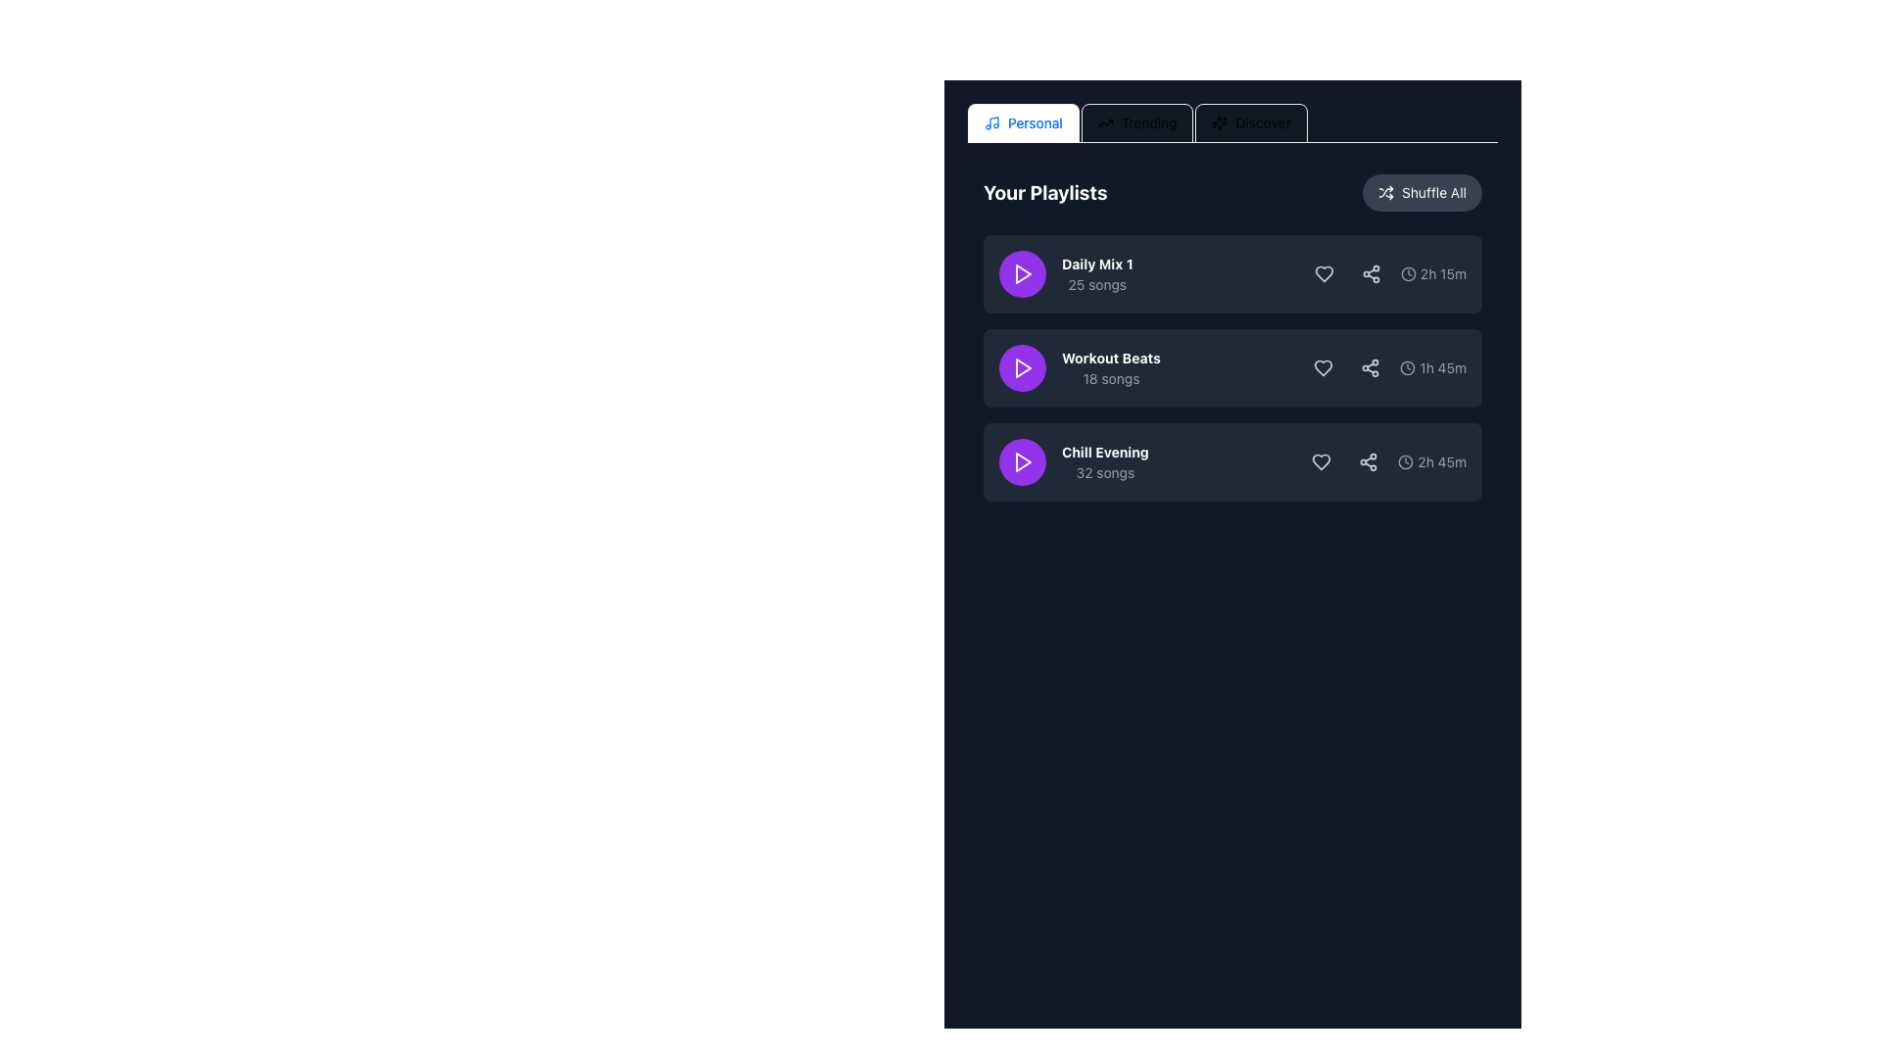  Describe the element at coordinates (1442, 461) in the screenshot. I see `the text label indicating the total duration of the 'Chill Evening' playlist, located in the lower-right corner of the playlist entry, aligned with a clock icon` at that location.